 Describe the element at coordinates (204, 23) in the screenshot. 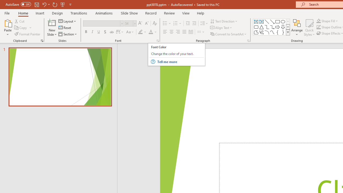

I see `'Line Spacing'` at that location.